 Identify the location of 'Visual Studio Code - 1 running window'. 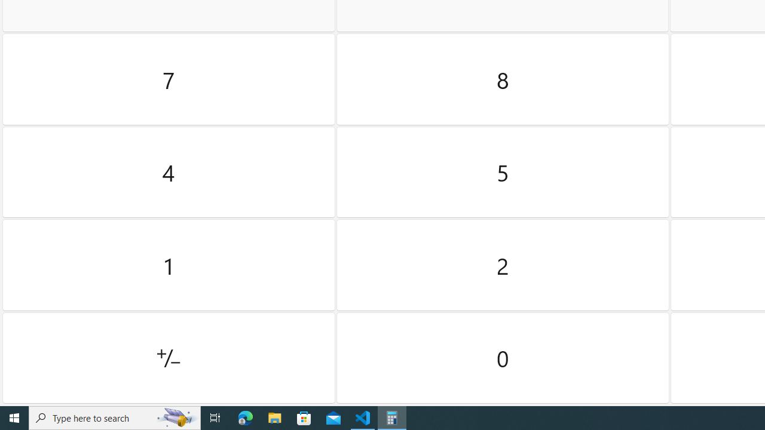
(362, 417).